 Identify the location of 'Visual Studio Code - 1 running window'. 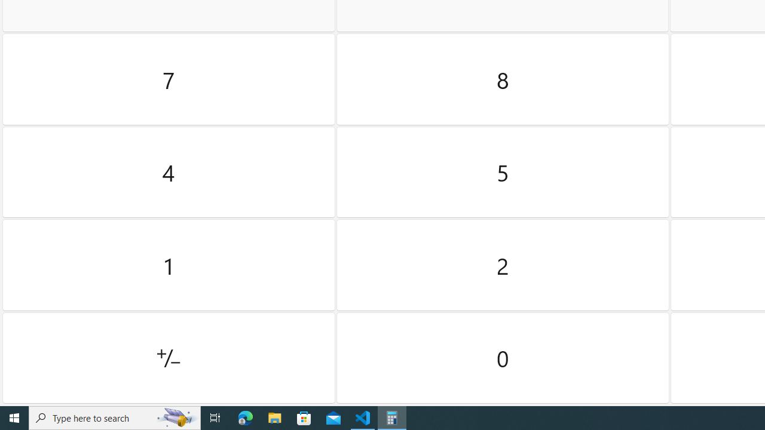
(362, 417).